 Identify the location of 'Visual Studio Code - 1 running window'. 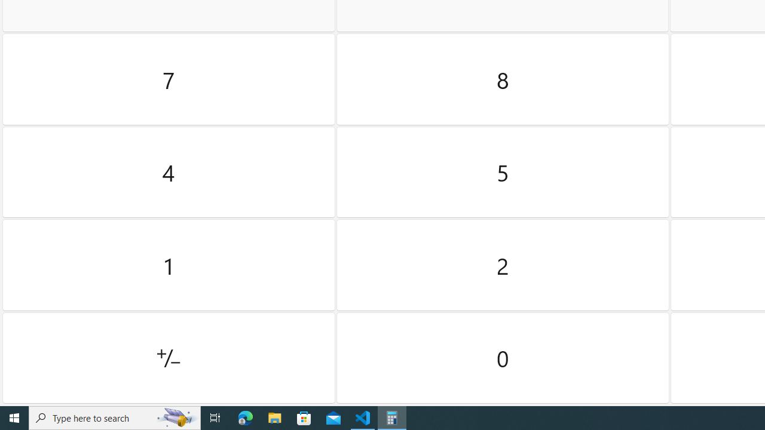
(362, 417).